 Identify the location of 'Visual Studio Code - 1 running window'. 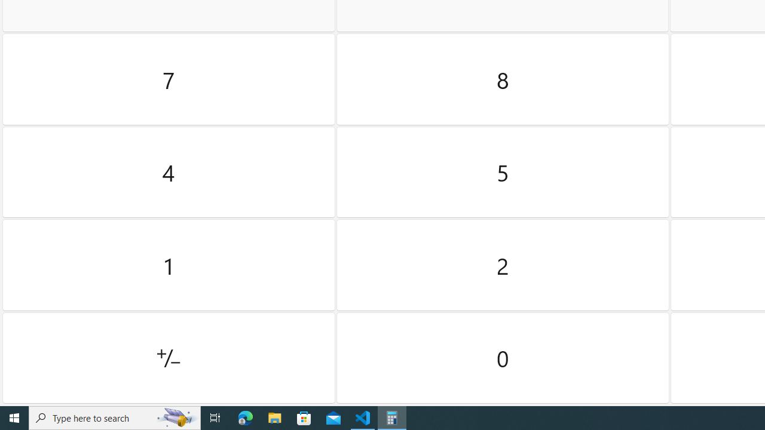
(362, 417).